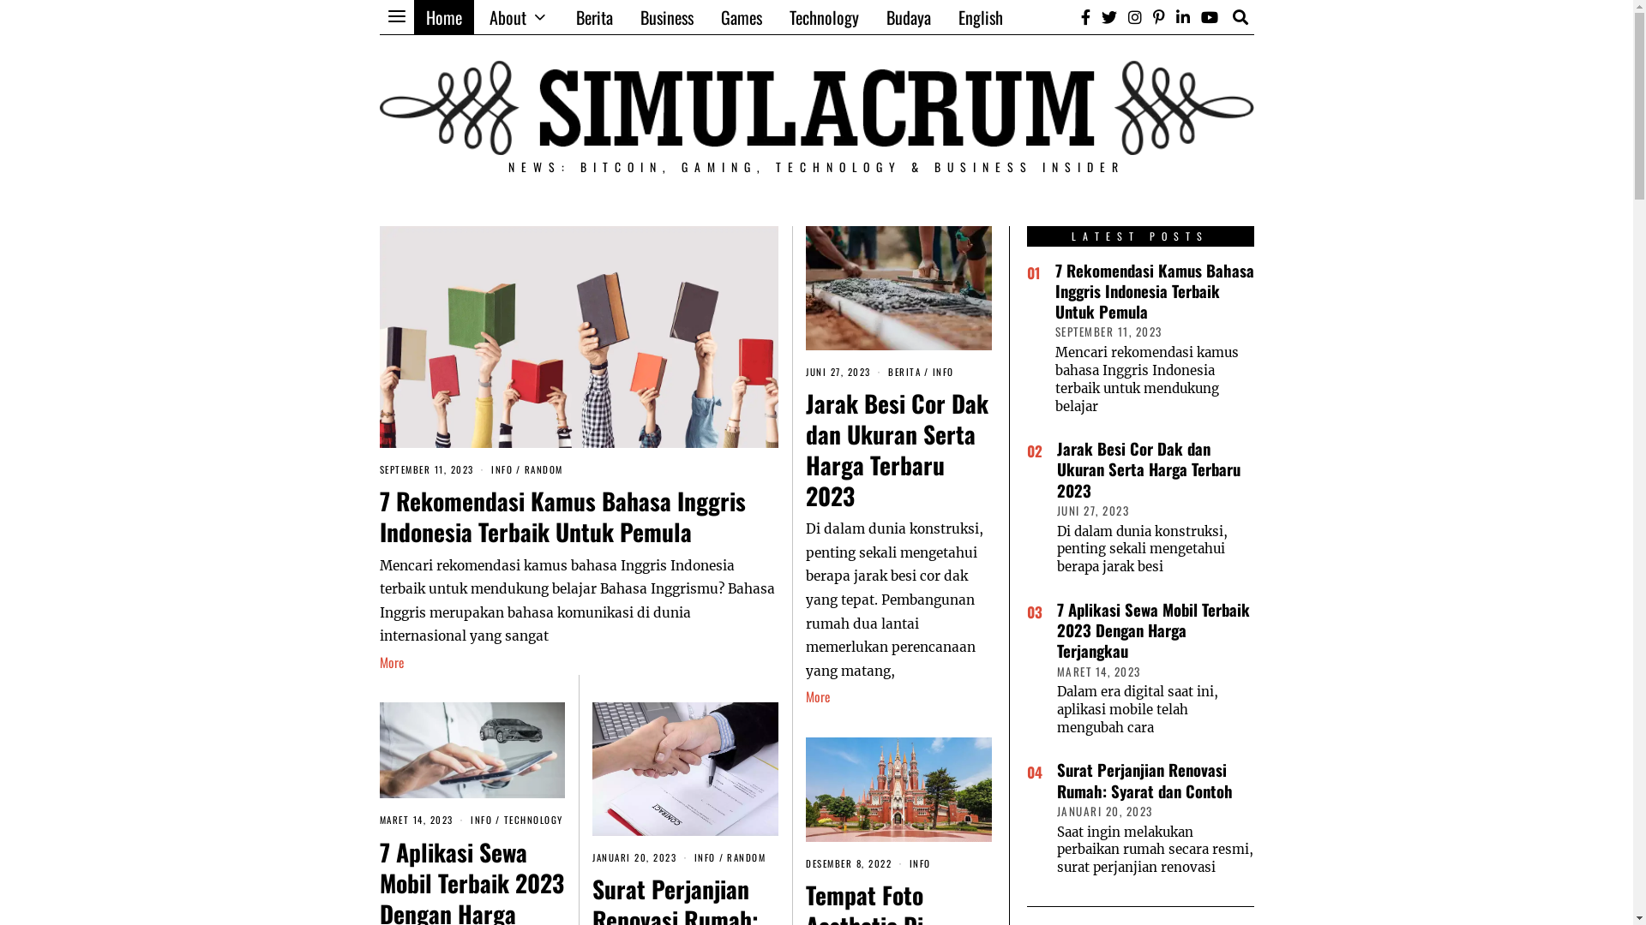 The width and height of the screenshot is (1646, 925). What do you see at coordinates (942, 371) in the screenshot?
I see `'INFO'` at bounding box center [942, 371].